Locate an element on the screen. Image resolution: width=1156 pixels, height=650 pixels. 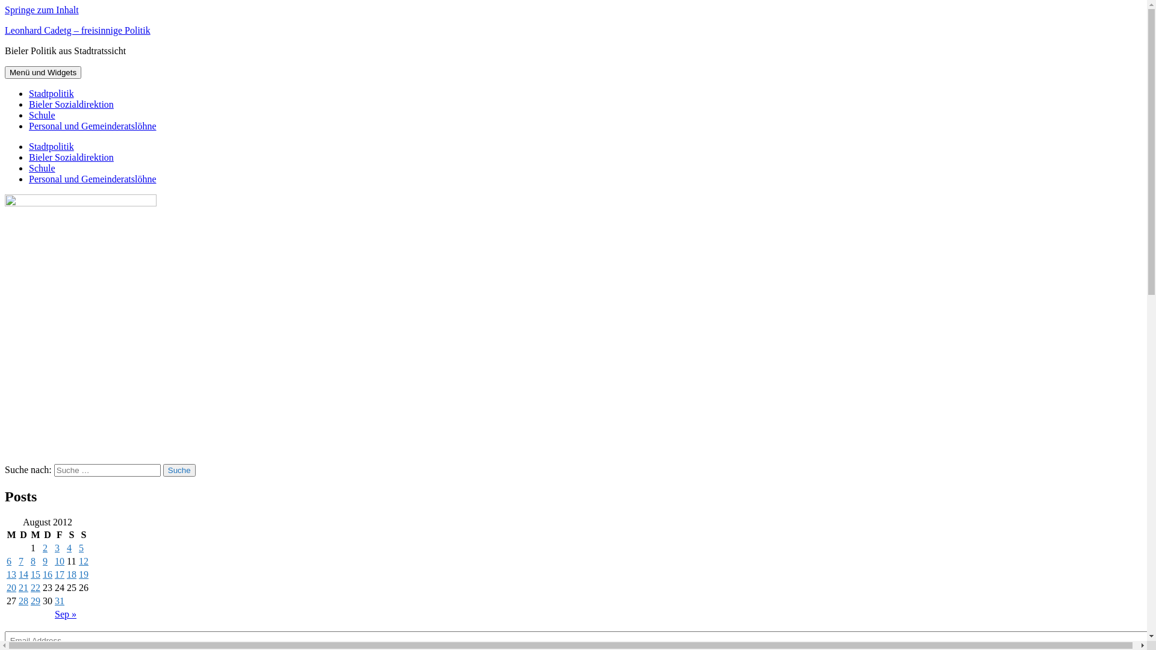
'7' is located at coordinates (20, 561).